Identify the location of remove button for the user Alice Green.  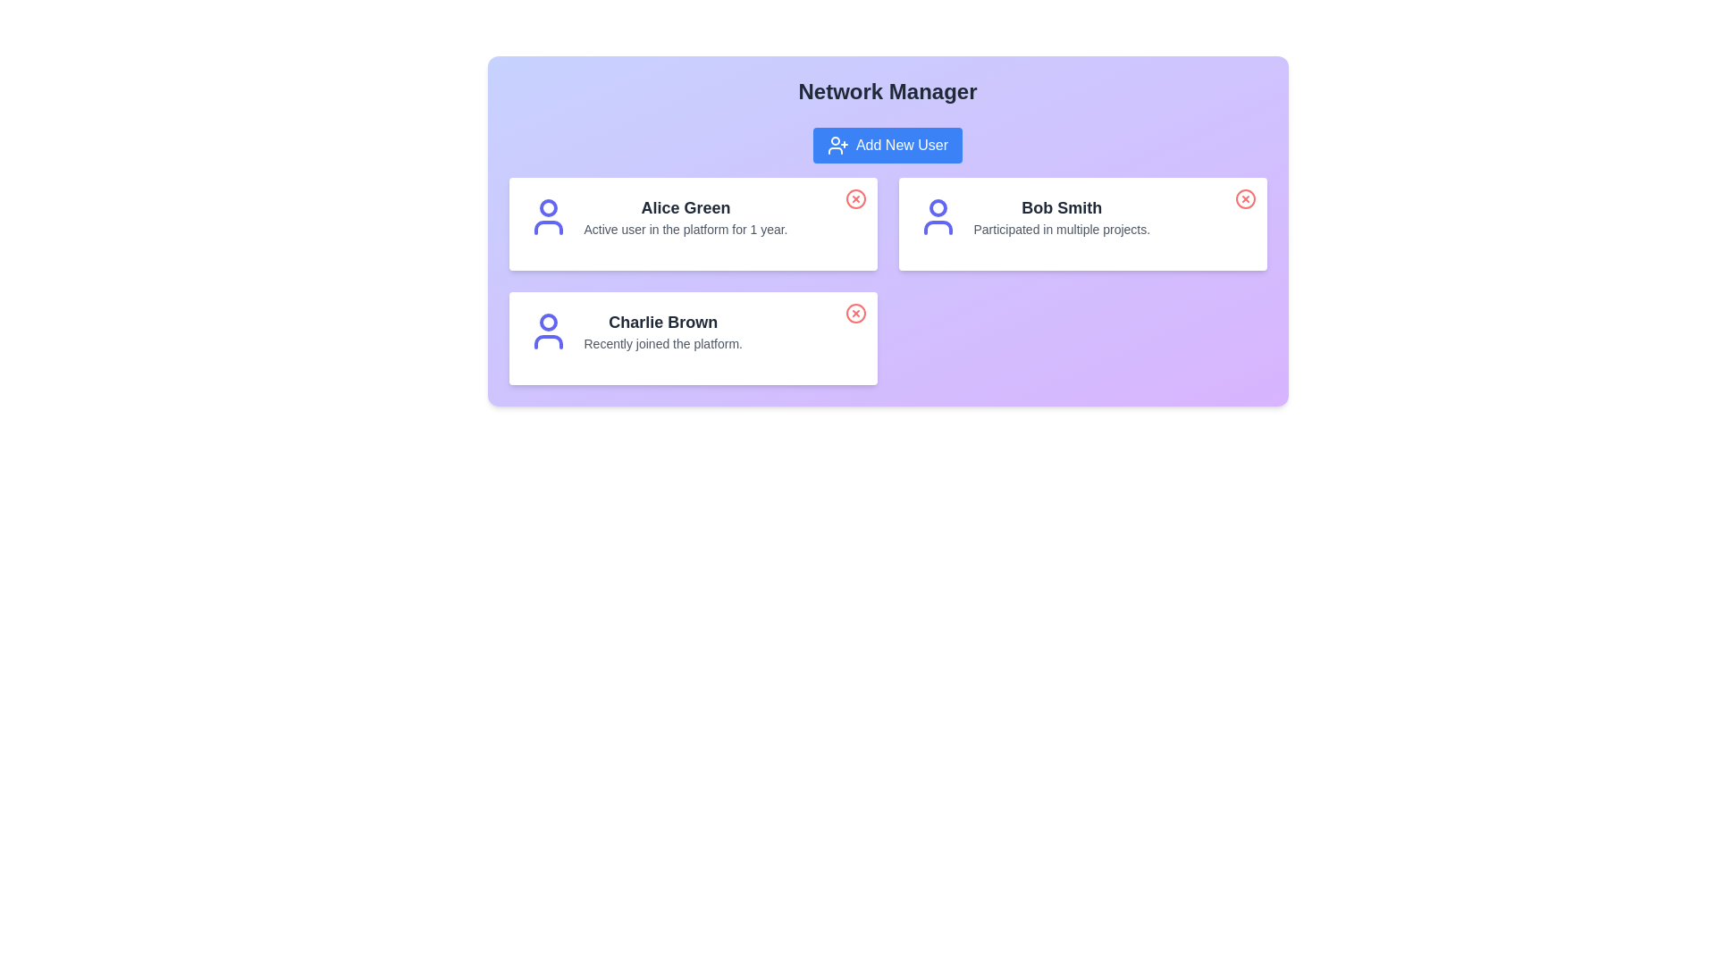
(854, 199).